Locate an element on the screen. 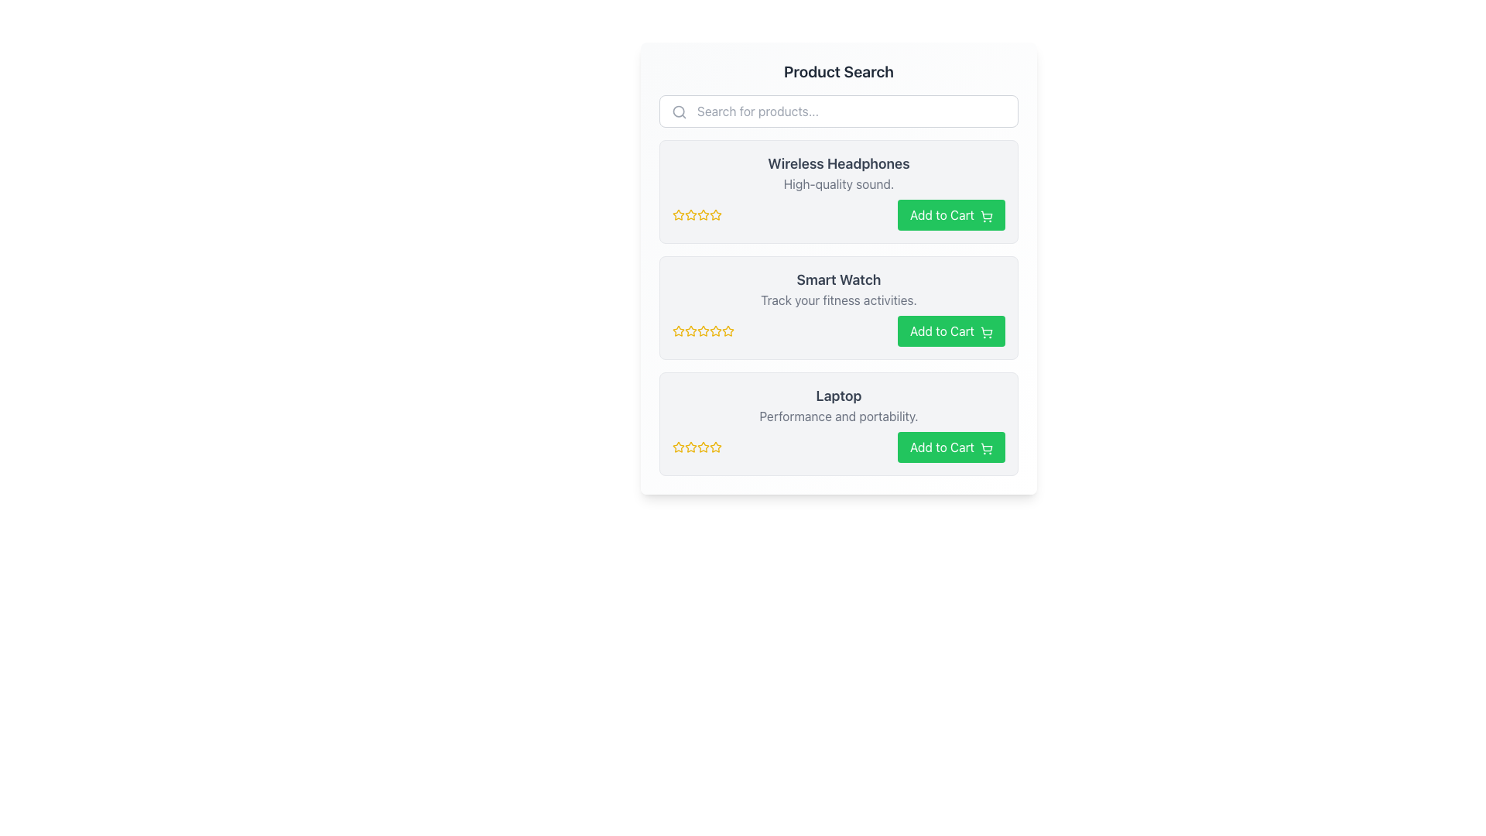 The height and width of the screenshot is (836, 1486). the fourth star icon in the 5-star rating component for 'Wireless Headphones', which is visually represented as a yellow star and is located to the left of the 'Add to Cart' button is located at coordinates (697, 214).